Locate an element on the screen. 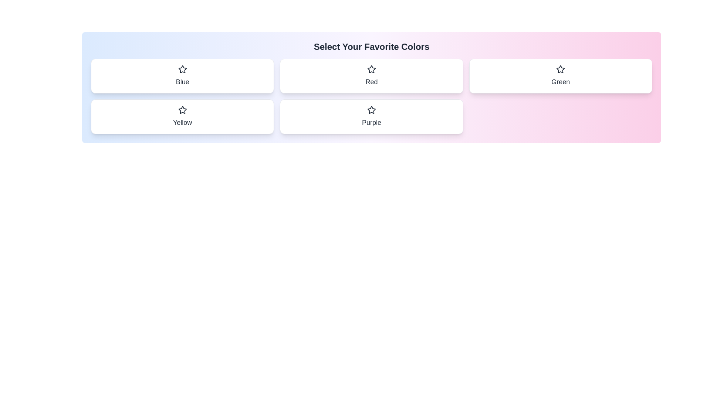  the color chip Yellow is located at coordinates (182, 116).